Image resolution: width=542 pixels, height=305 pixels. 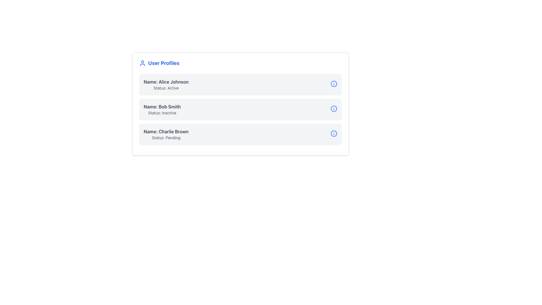 What do you see at coordinates (166, 134) in the screenshot?
I see `the Text Display element showing 'Name: Charlie Brown' and 'Status: Pending'` at bounding box center [166, 134].